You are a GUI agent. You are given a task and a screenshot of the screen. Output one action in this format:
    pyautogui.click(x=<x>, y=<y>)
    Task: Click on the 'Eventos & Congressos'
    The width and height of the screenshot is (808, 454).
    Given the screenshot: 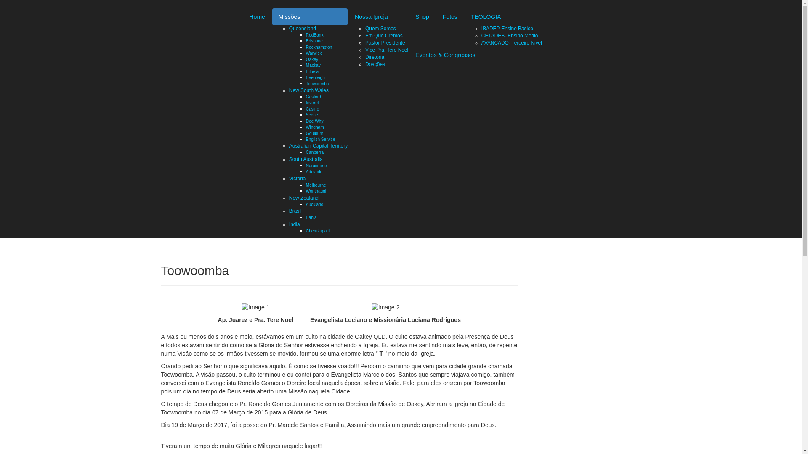 What is the action you would take?
    pyautogui.click(x=444, y=55)
    